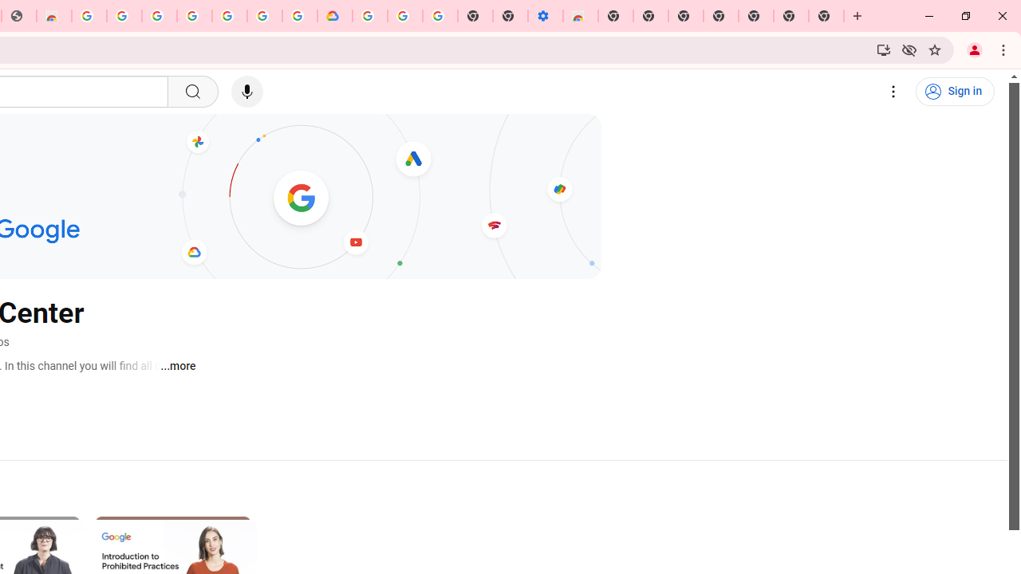 This screenshot has width=1021, height=574. Describe the element at coordinates (159, 16) in the screenshot. I see `'Sign in - Google Accounts'` at that location.